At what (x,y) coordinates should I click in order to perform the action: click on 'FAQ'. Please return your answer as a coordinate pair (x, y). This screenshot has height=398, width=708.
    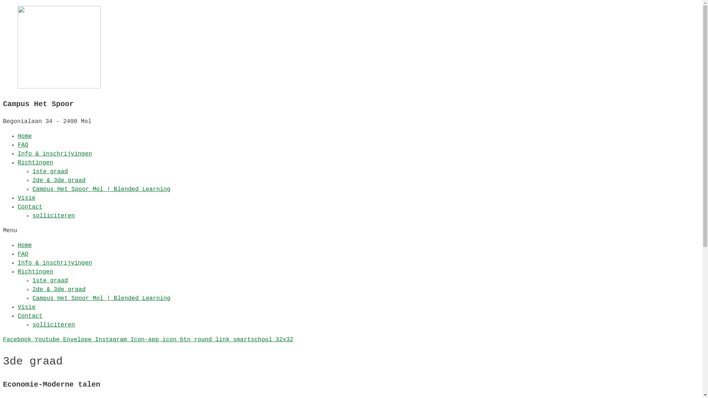
    Looking at the image, I should click on (23, 145).